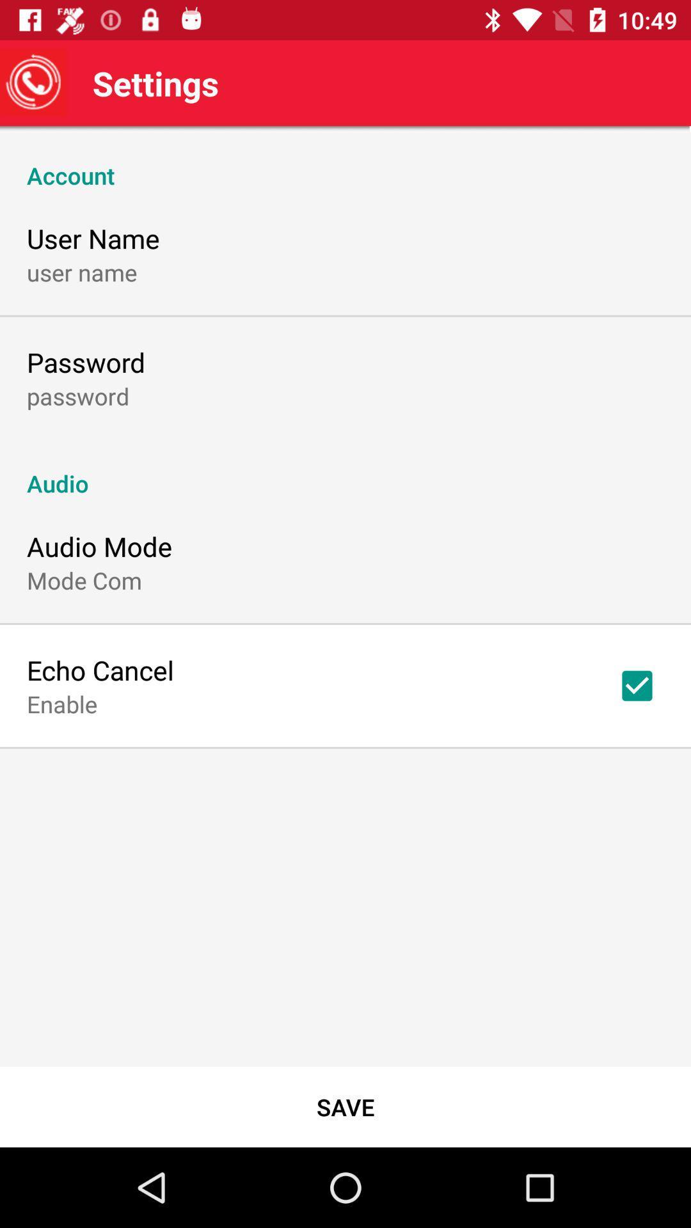  Describe the element at coordinates (345, 1106) in the screenshot. I see `the save icon` at that location.